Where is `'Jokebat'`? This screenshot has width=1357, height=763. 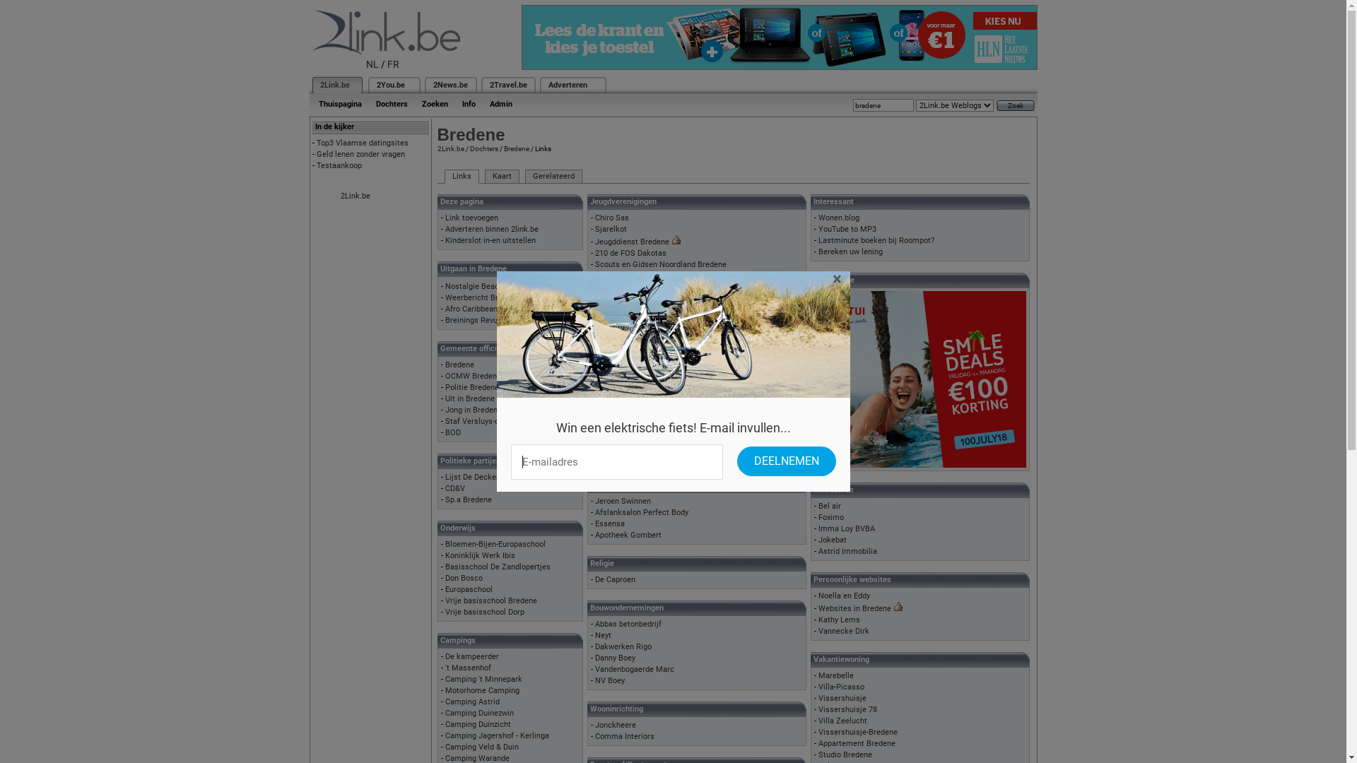
'Jokebat' is located at coordinates (832, 540).